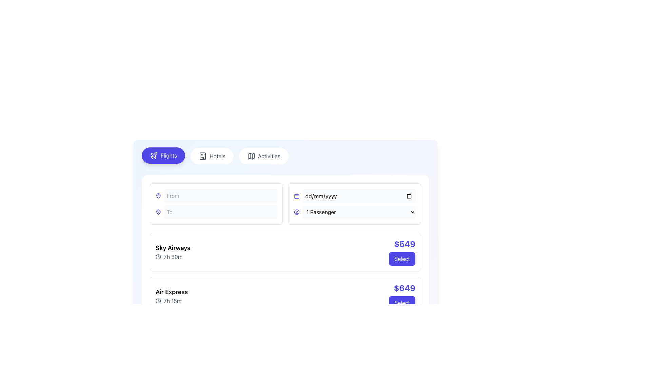 This screenshot has width=651, height=366. I want to click on the Decorative SVG icon resembling a map pin located in the 'To' input field's prefix icon area, which precedes the text input field, so click(158, 196).